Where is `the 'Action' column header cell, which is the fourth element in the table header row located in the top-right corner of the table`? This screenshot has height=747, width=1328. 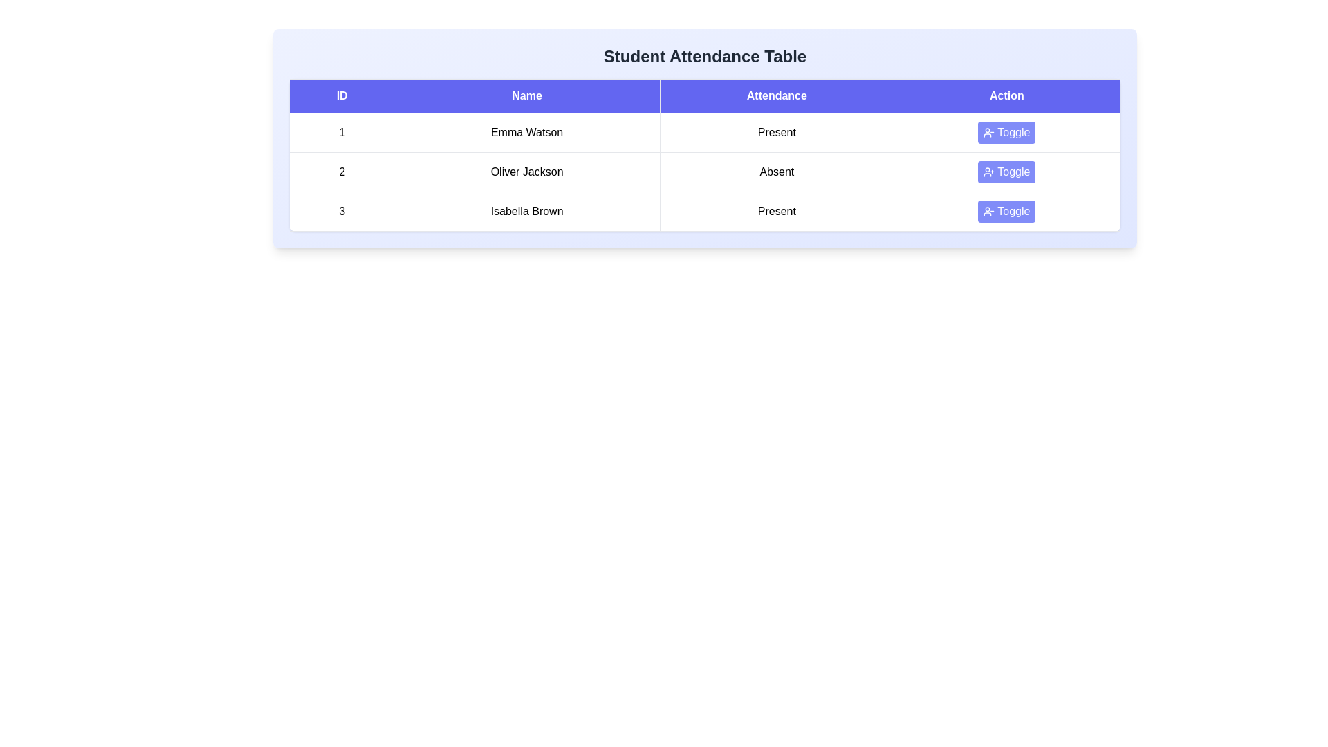
the 'Action' column header cell, which is the fourth element in the table header row located in the top-right corner of the table is located at coordinates (1006, 95).